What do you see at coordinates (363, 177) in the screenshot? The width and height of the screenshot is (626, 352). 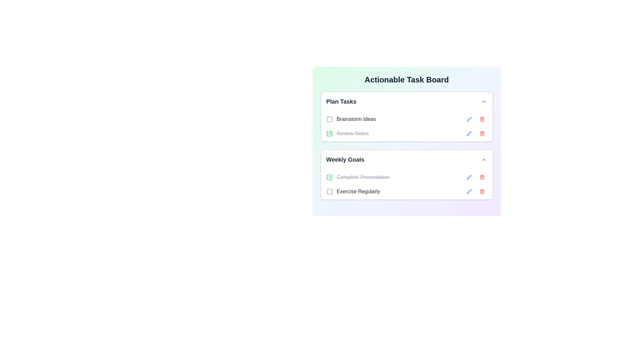 I see `the text label that displays the title of a completed task, marked with a strikethrough style, located in the 'Weekly Goals' section of the 'Actionable Task Board', following a checkmark icon and above the 'Exercise Regularly' text` at bounding box center [363, 177].